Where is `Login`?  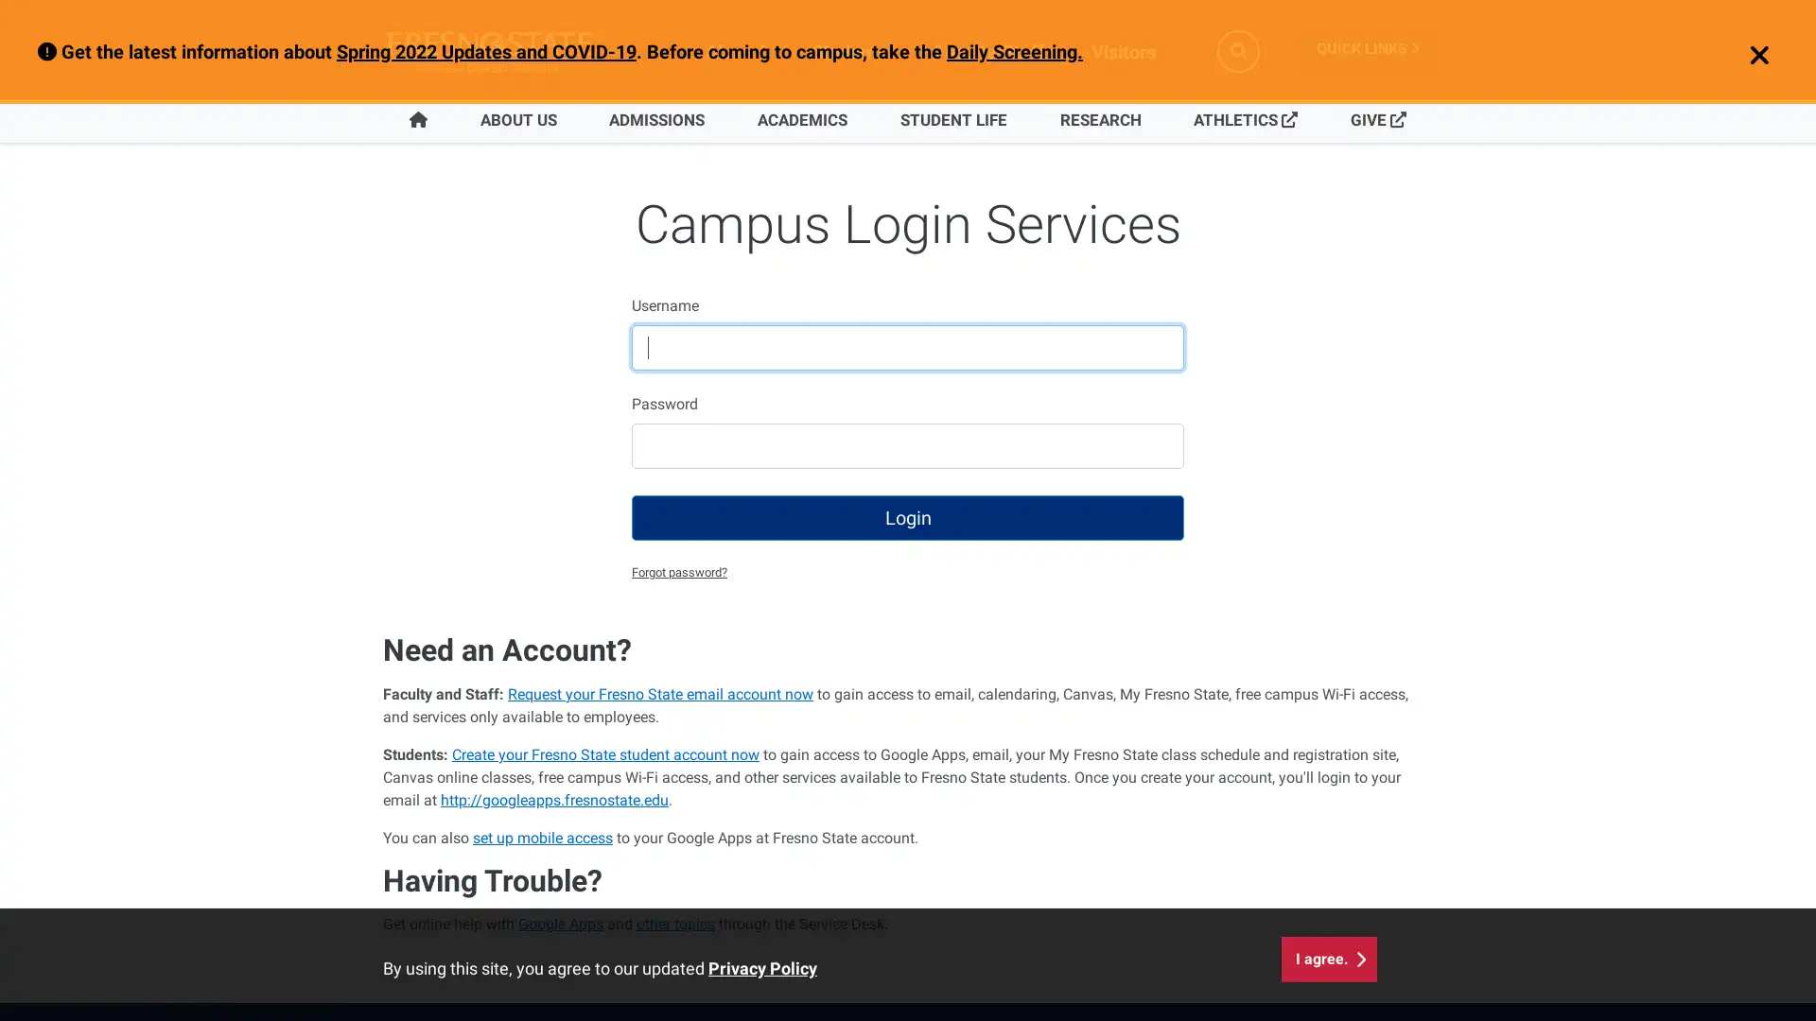
Login is located at coordinates (908, 517).